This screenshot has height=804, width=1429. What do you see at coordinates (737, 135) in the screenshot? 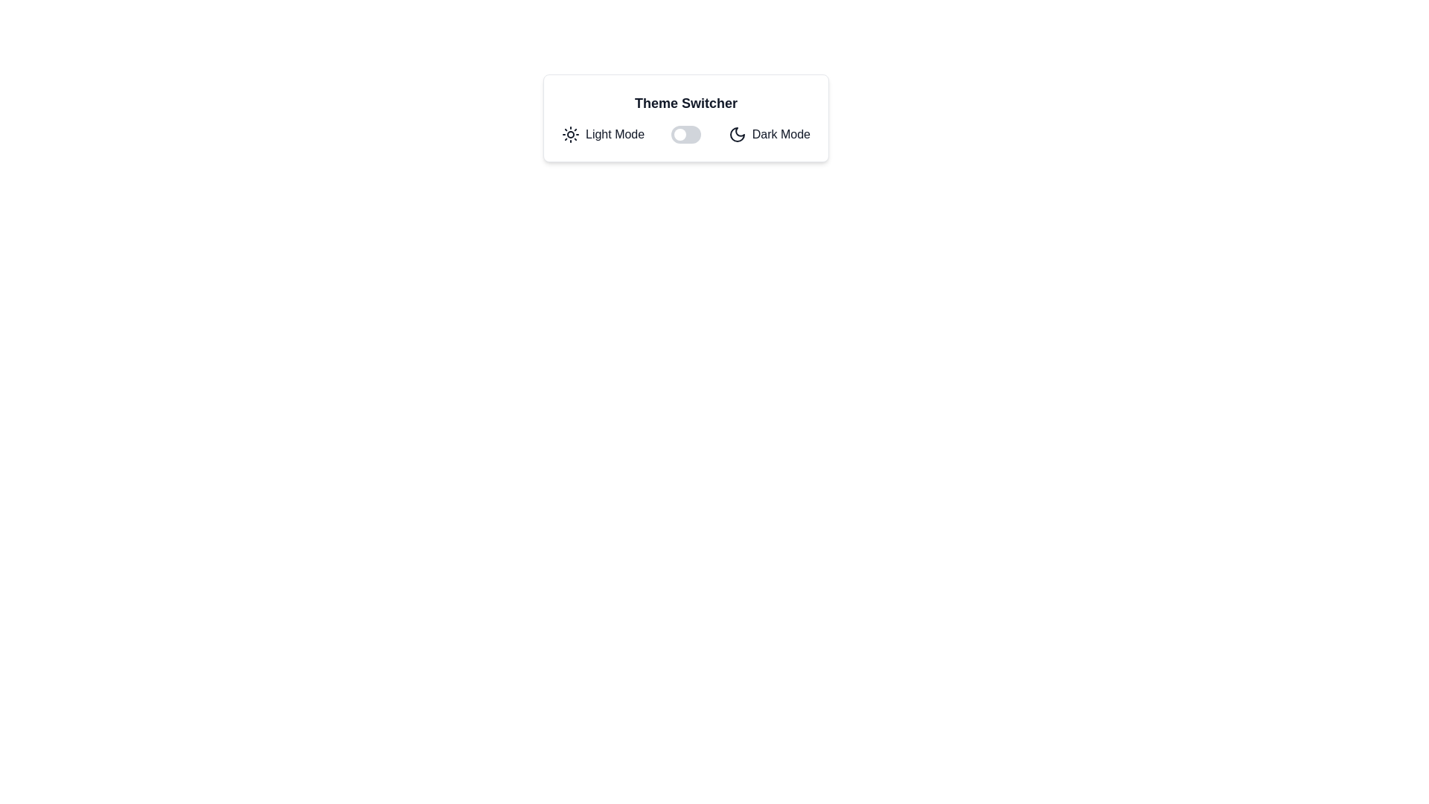
I see `the crescent moon icon representing 'Dark Mode', which is positioned to the left of the 'Dark Mode' label and aligned with the icon switcher and 'Light Mode' text` at bounding box center [737, 135].